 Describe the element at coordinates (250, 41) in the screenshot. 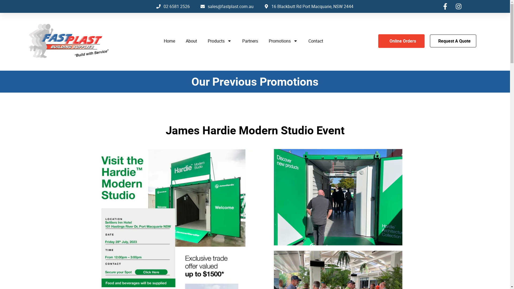

I see `'Partners'` at that location.